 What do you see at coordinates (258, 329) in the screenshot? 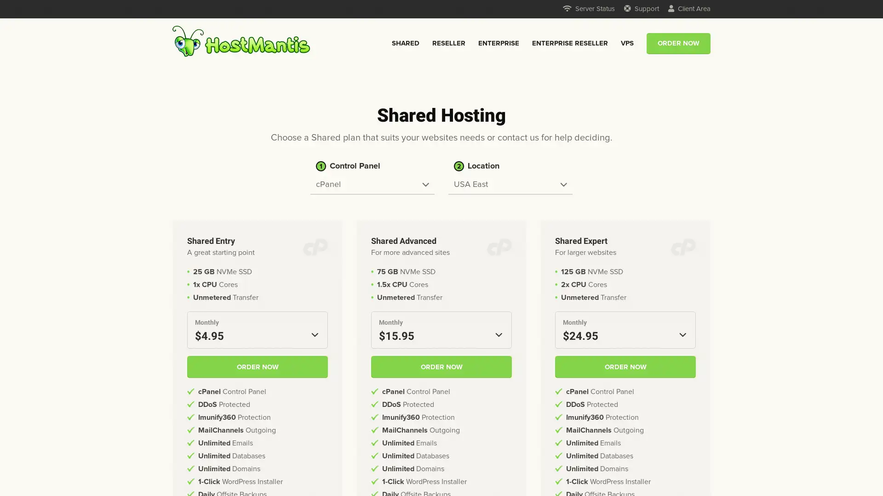
I see `Monthly $4.95` at bounding box center [258, 329].